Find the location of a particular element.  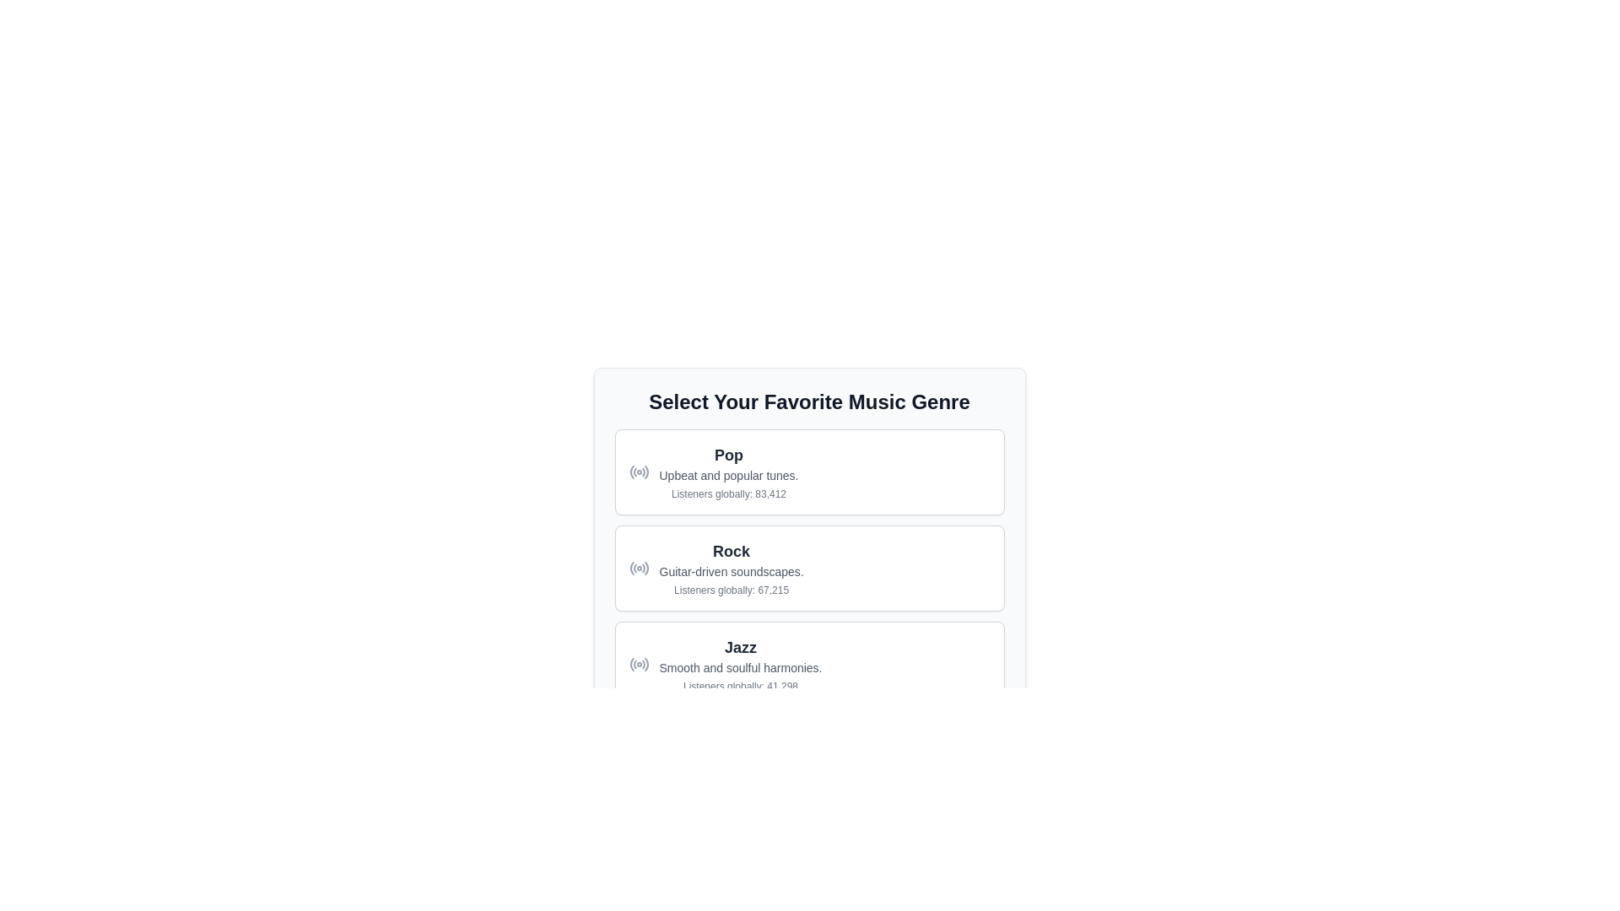

the music genre radio icon representing 'Rock', which is visually associated with its corresponding list entry is located at coordinates (638, 569).